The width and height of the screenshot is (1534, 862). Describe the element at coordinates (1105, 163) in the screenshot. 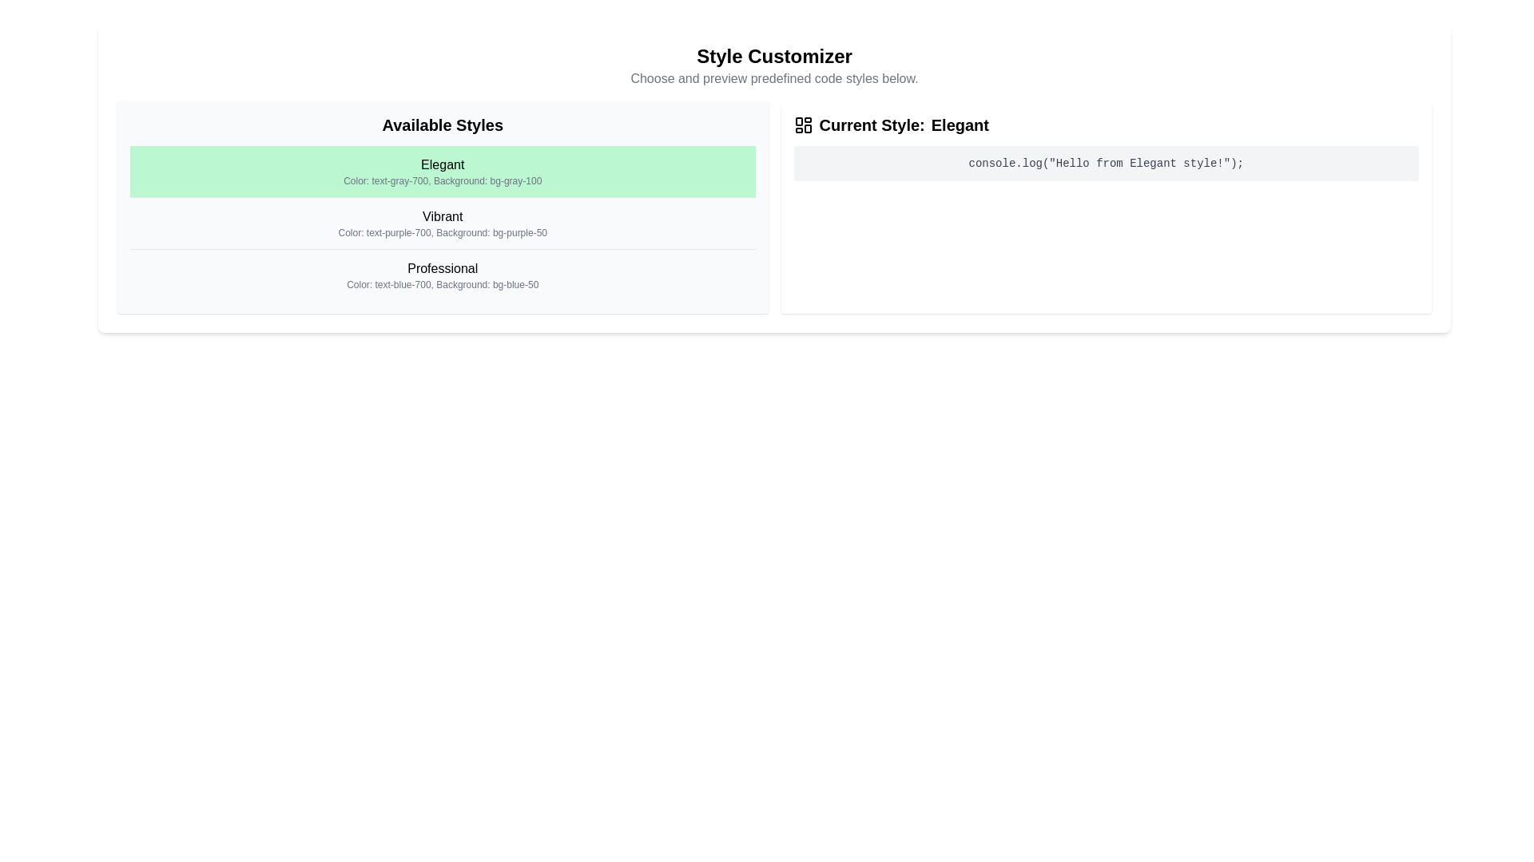

I see `displayed text in the Text block located below the title 'Current Style: Elegant'` at that location.